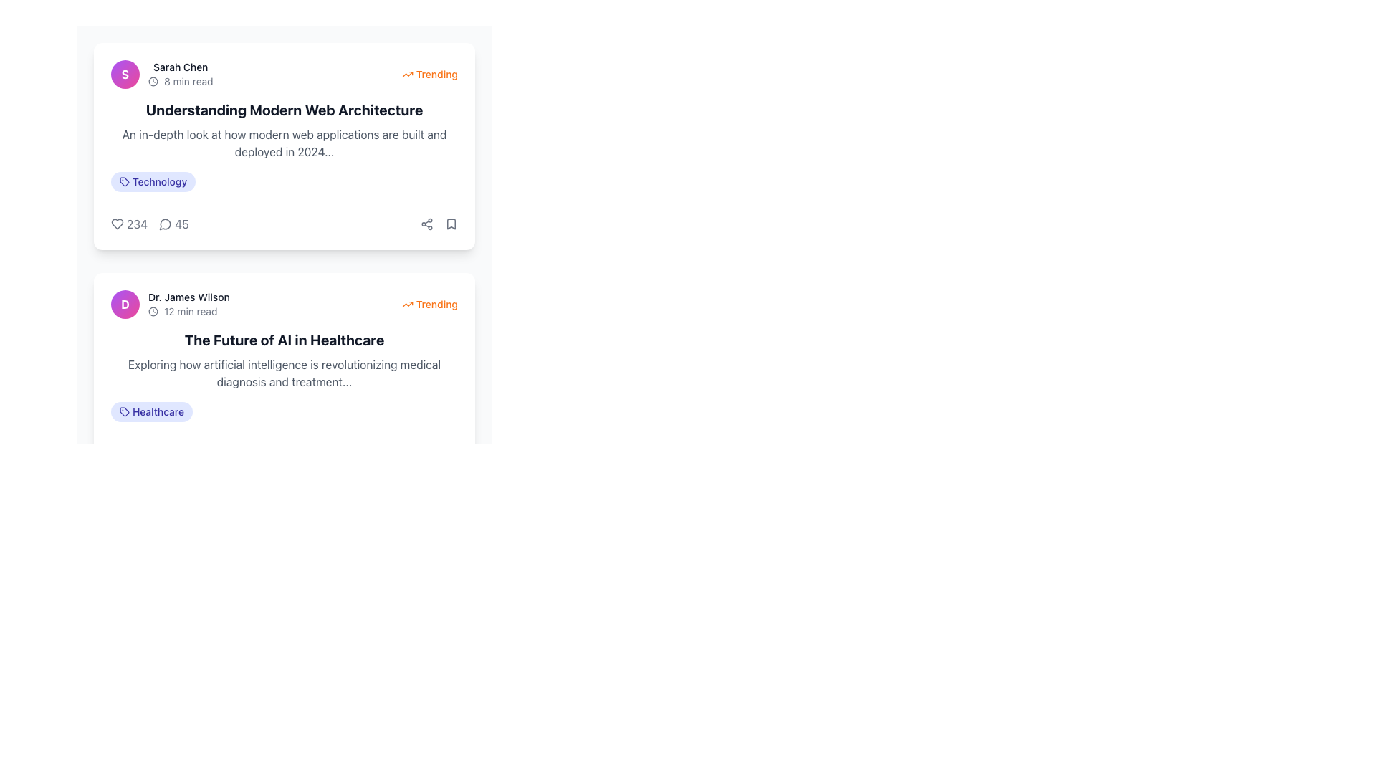 This screenshot has width=1376, height=774. Describe the element at coordinates (124, 181) in the screenshot. I see `the 'Technology' category icon located to the left of the label text reading 'Technology' in the top card of the interface` at that location.